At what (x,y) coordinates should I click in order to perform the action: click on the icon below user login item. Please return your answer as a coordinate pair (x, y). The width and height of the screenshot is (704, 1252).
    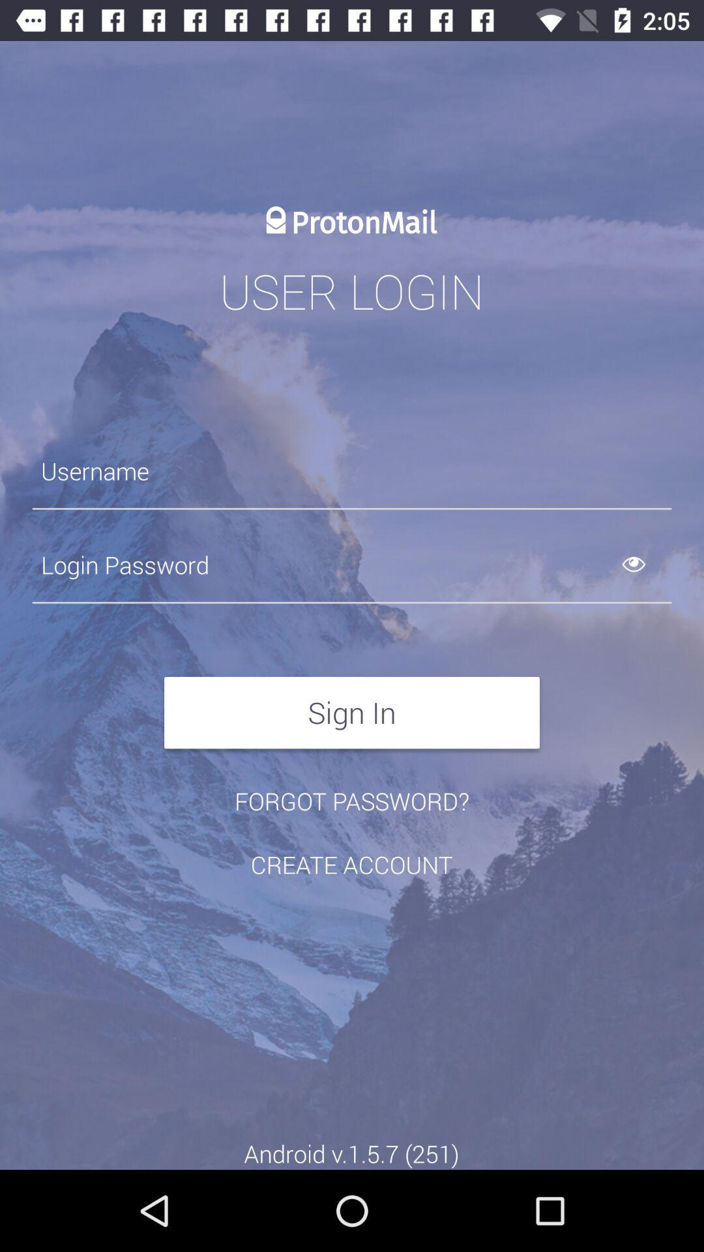
    Looking at the image, I should click on (352, 470).